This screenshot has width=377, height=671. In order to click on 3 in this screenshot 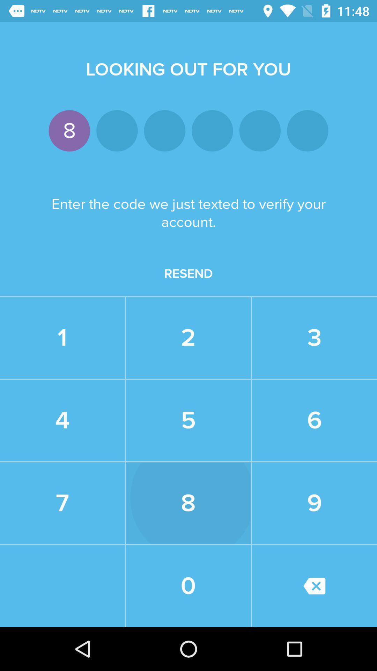, I will do `click(315, 338)`.